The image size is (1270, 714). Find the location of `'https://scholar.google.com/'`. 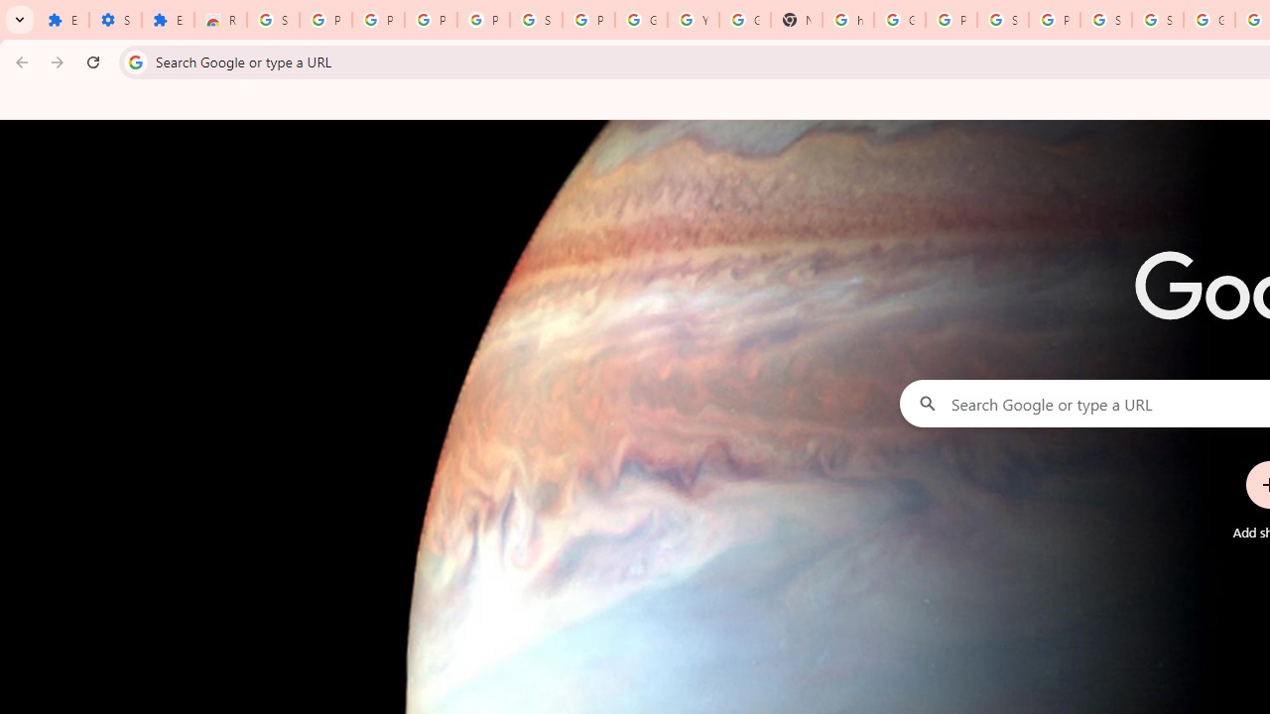

'https://scholar.google.com/' is located at coordinates (848, 20).